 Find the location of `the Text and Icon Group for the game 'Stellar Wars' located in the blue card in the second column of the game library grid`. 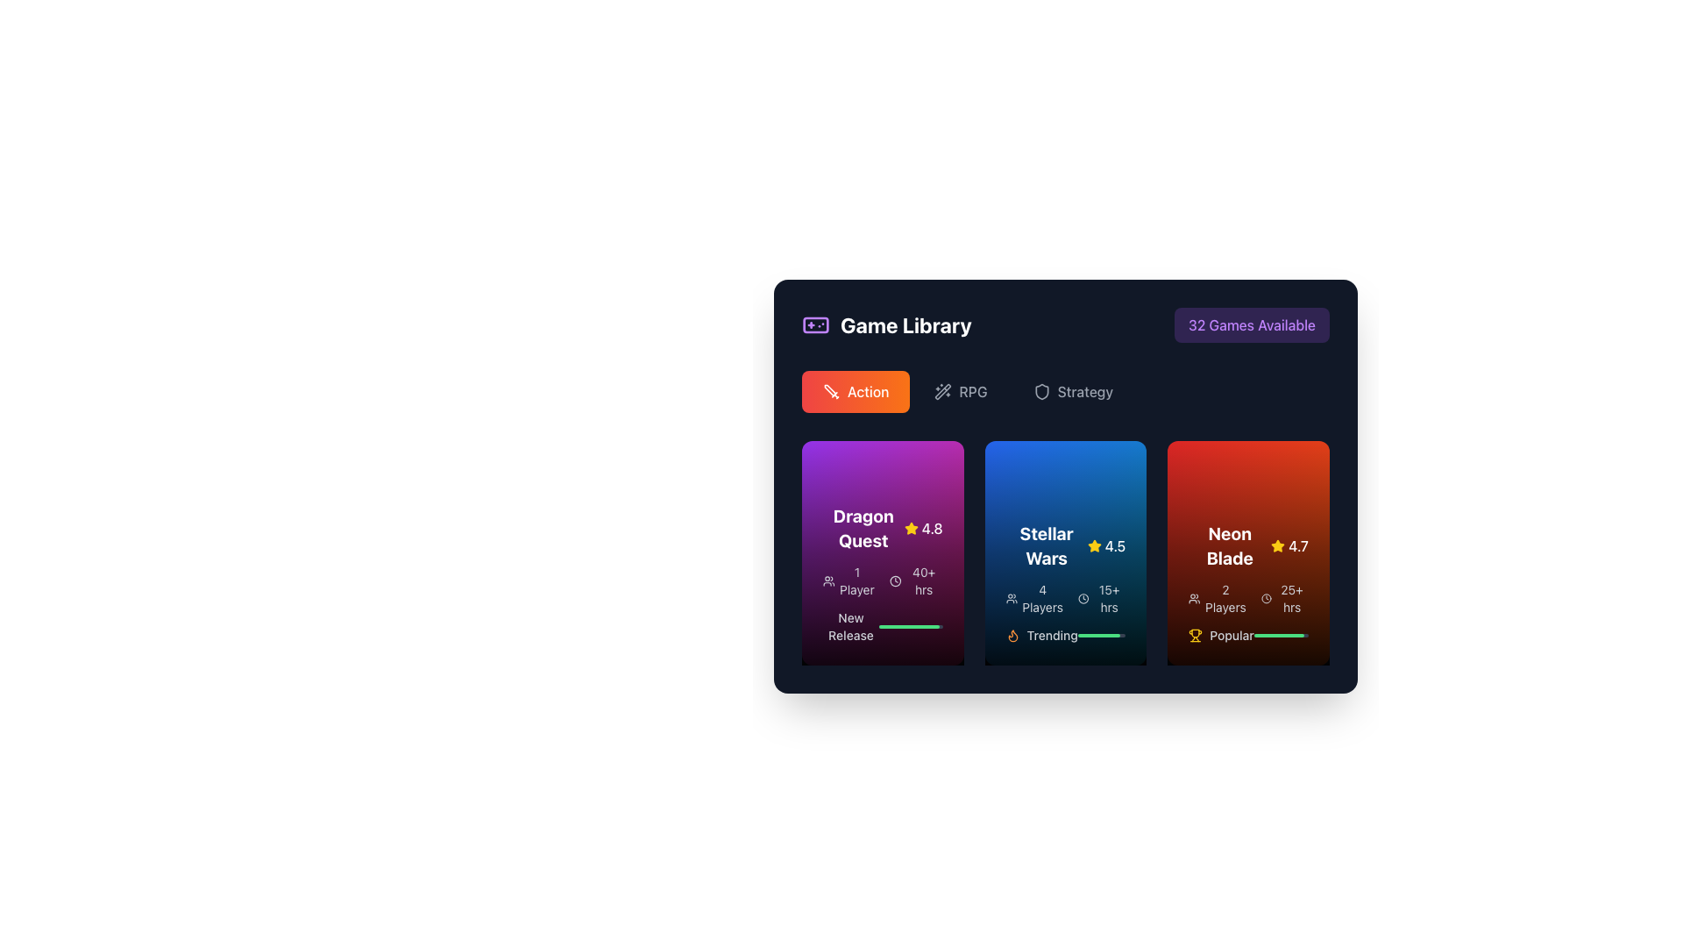

the Text and Icon Group for the game 'Stellar Wars' located in the blue card in the second column of the game library grid is located at coordinates (1064, 545).